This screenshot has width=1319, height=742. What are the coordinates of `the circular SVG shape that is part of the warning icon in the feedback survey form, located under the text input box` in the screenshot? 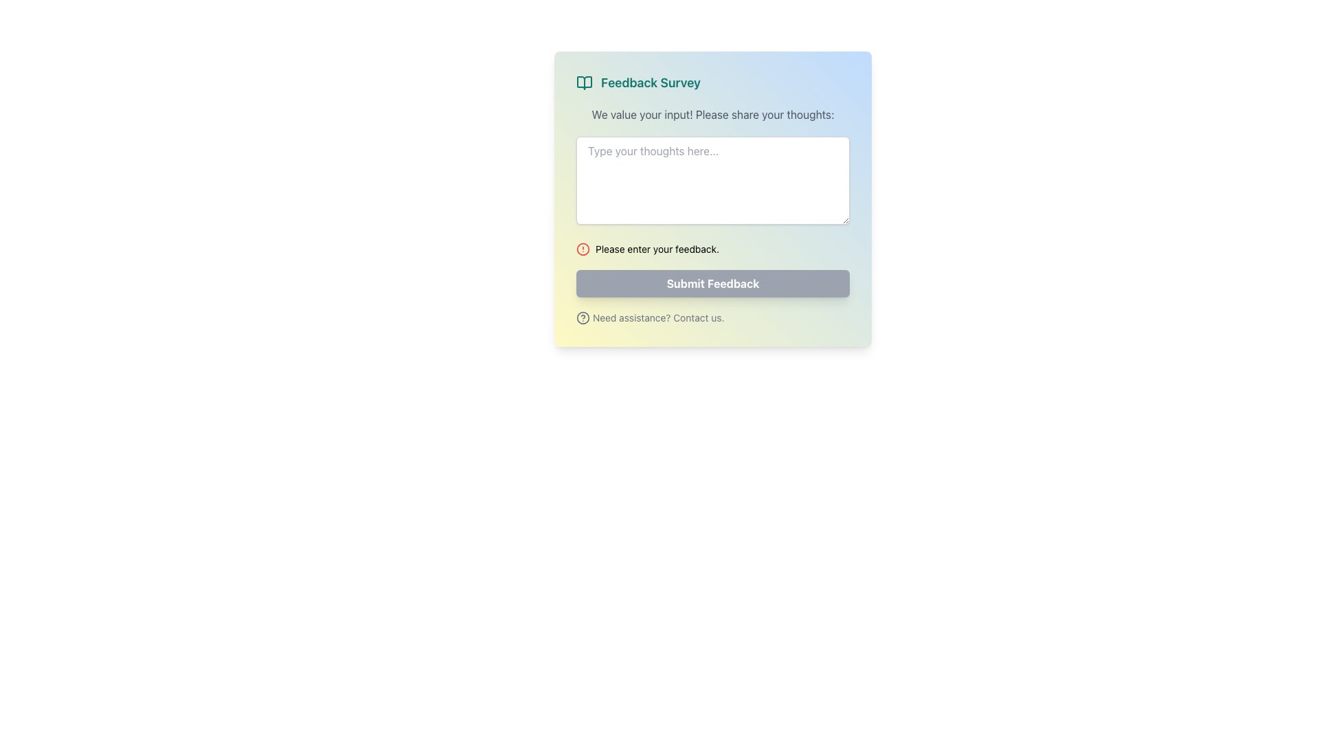 It's located at (583, 249).